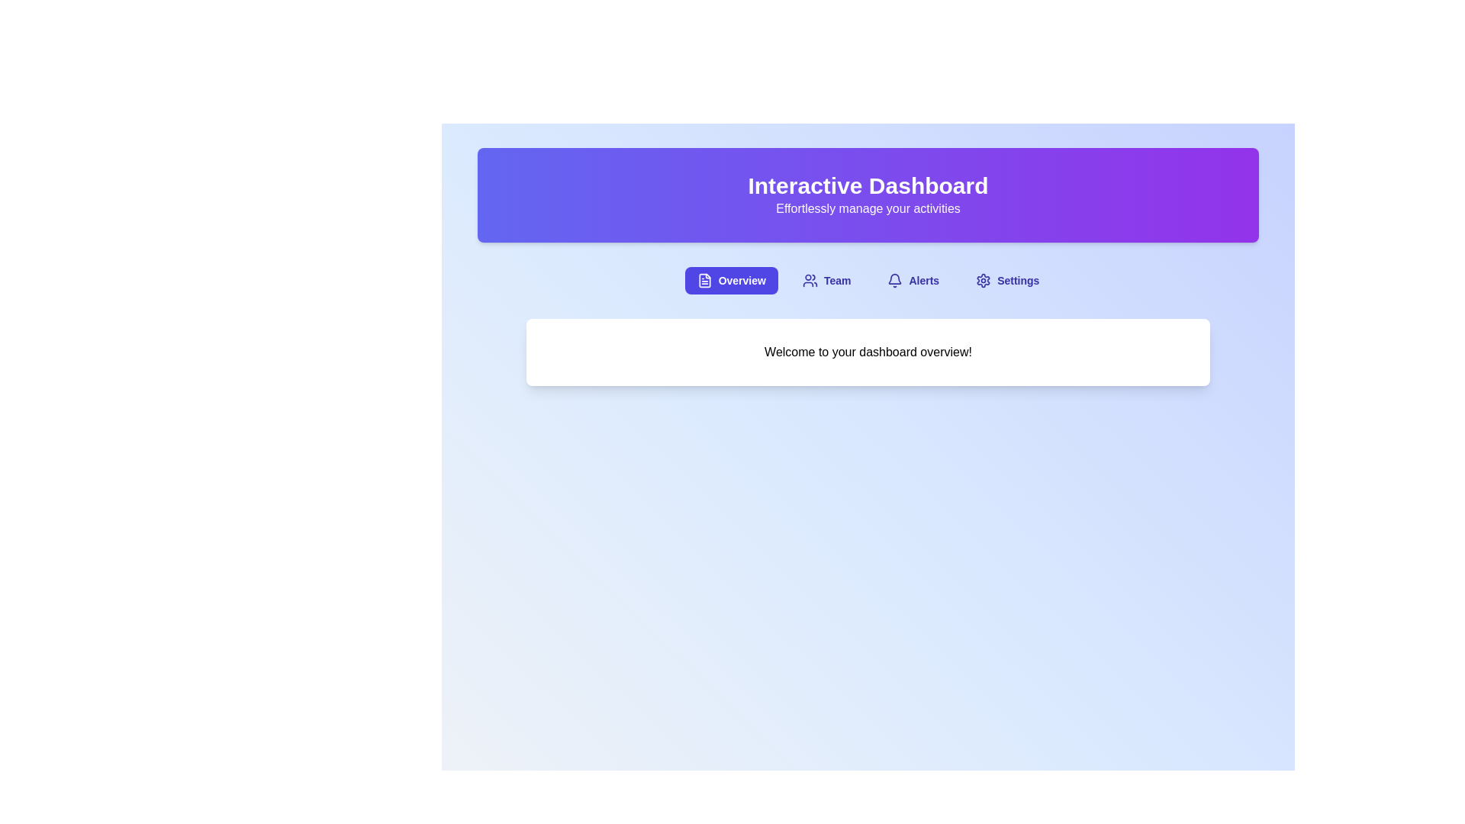 This screenshot has height=824, width=1465. Describe the element at coordinates (895, 280) in the screenshot. I see `the bell-shaped notification icon located in the horizontal navigation bar` at that location.